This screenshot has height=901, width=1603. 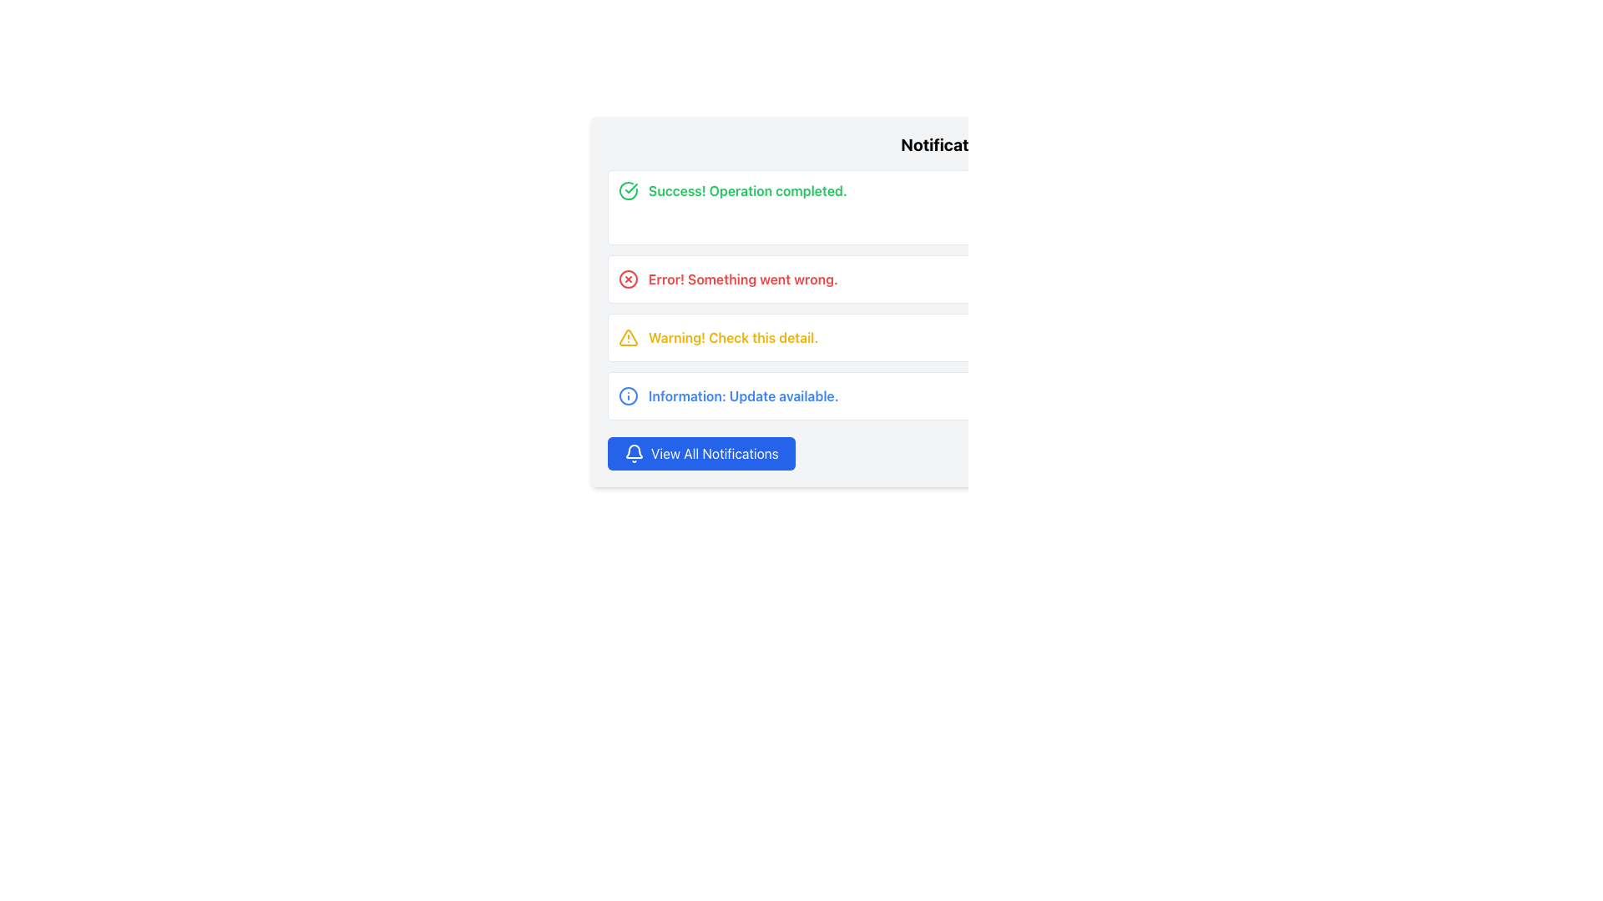 I want to click on the circular icon with a blue outline that represents informational content, located to the left of the text 'Information: Update available.', so click(x=628, y=395).